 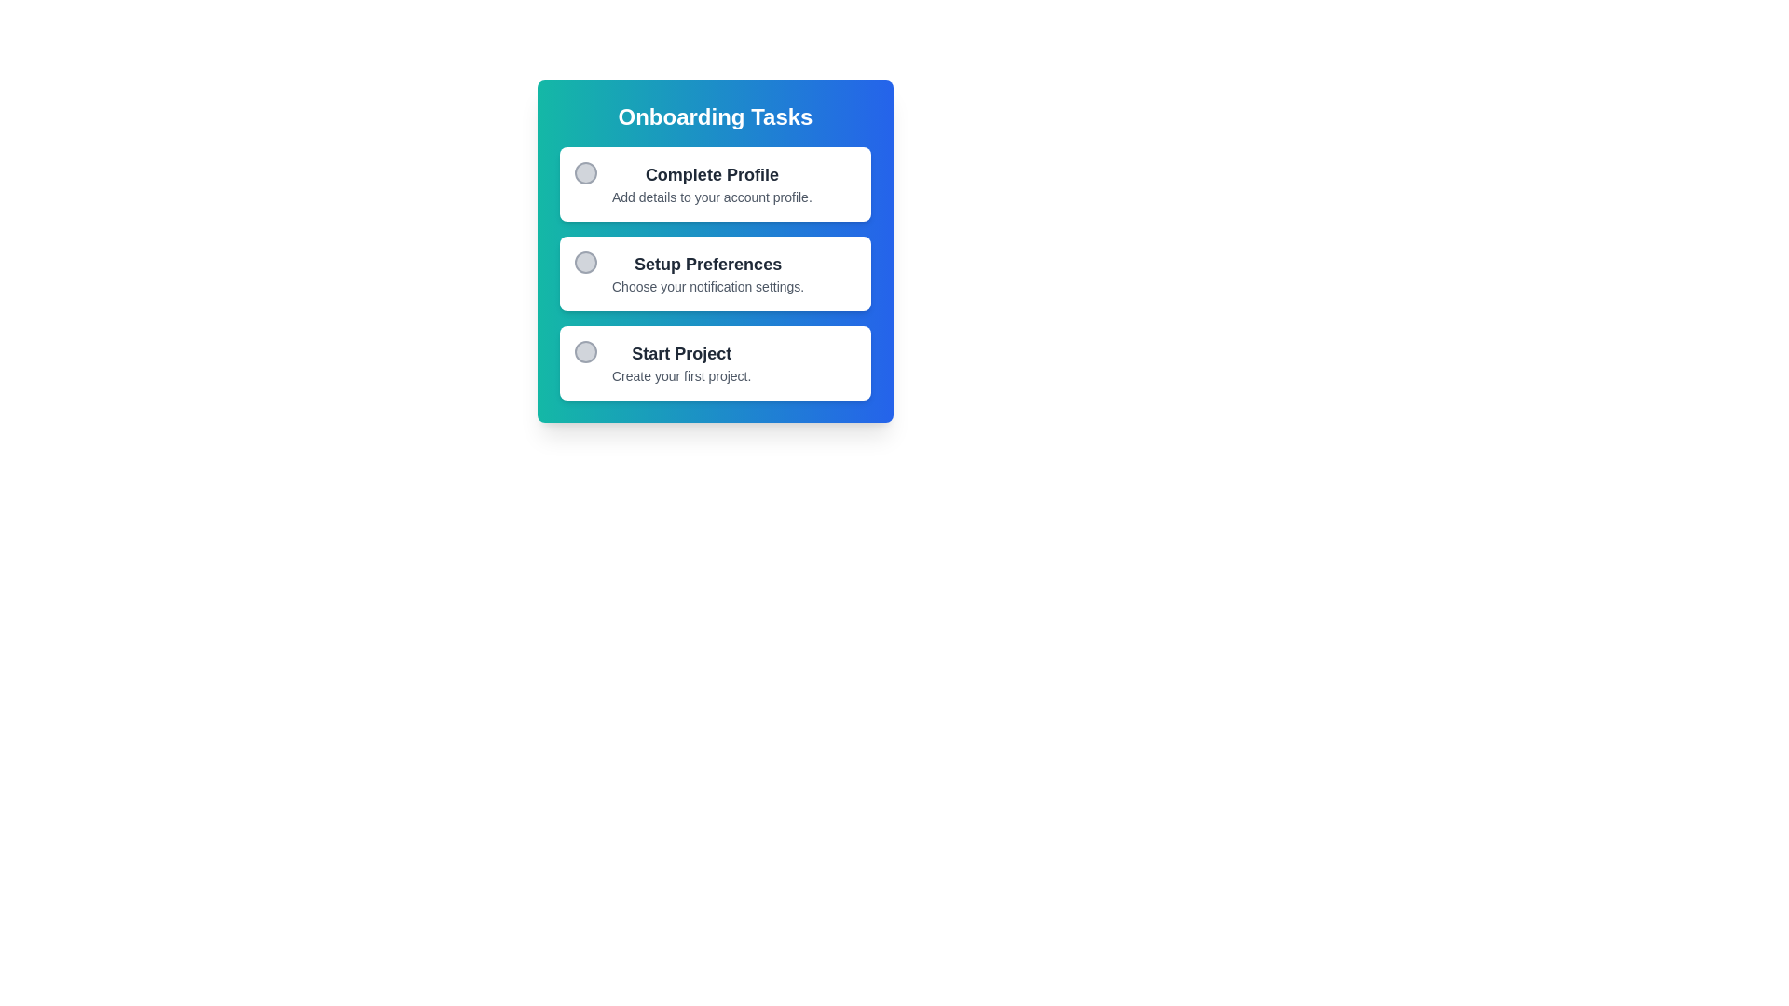 What do you see at coordinates (680, 362) in the screenshot?
I see `the Static Text Block displaying 'Start Project' and 'Create your first project', which is the last element in a vertical list of text components within the 'Onboarding Tasks' card interface` at bounding box center [680, 362].